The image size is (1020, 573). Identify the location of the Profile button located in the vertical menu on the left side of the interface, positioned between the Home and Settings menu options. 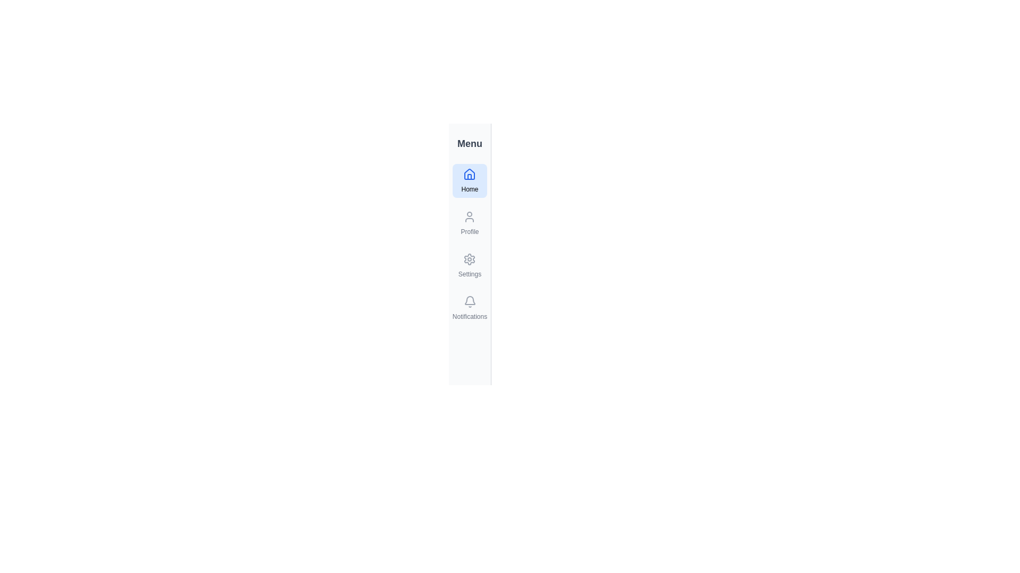
(469, 222).